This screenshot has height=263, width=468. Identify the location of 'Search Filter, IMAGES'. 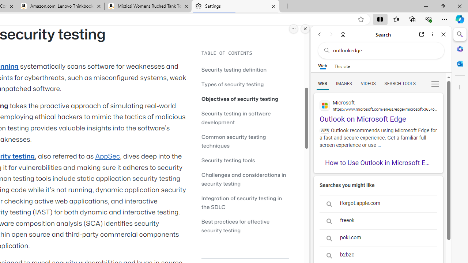
(343, 83).